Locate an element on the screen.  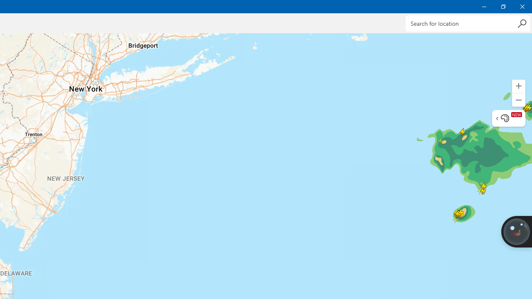
'Restore Weather' is located at coordinates (502, 6).